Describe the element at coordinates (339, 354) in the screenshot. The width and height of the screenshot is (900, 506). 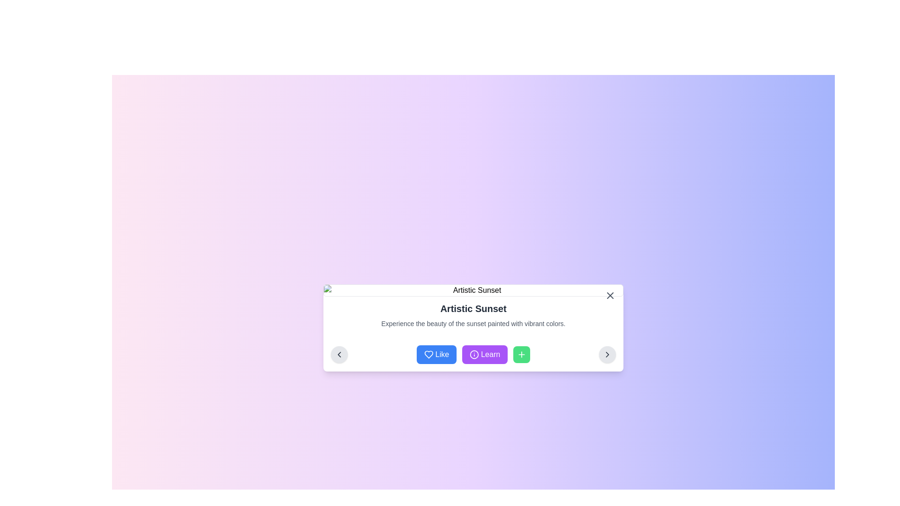
I see `the left-facing chevron icon embedded within the circular button located at the bottom-left corner of the 'Artistic Sunset' panel` at that location.